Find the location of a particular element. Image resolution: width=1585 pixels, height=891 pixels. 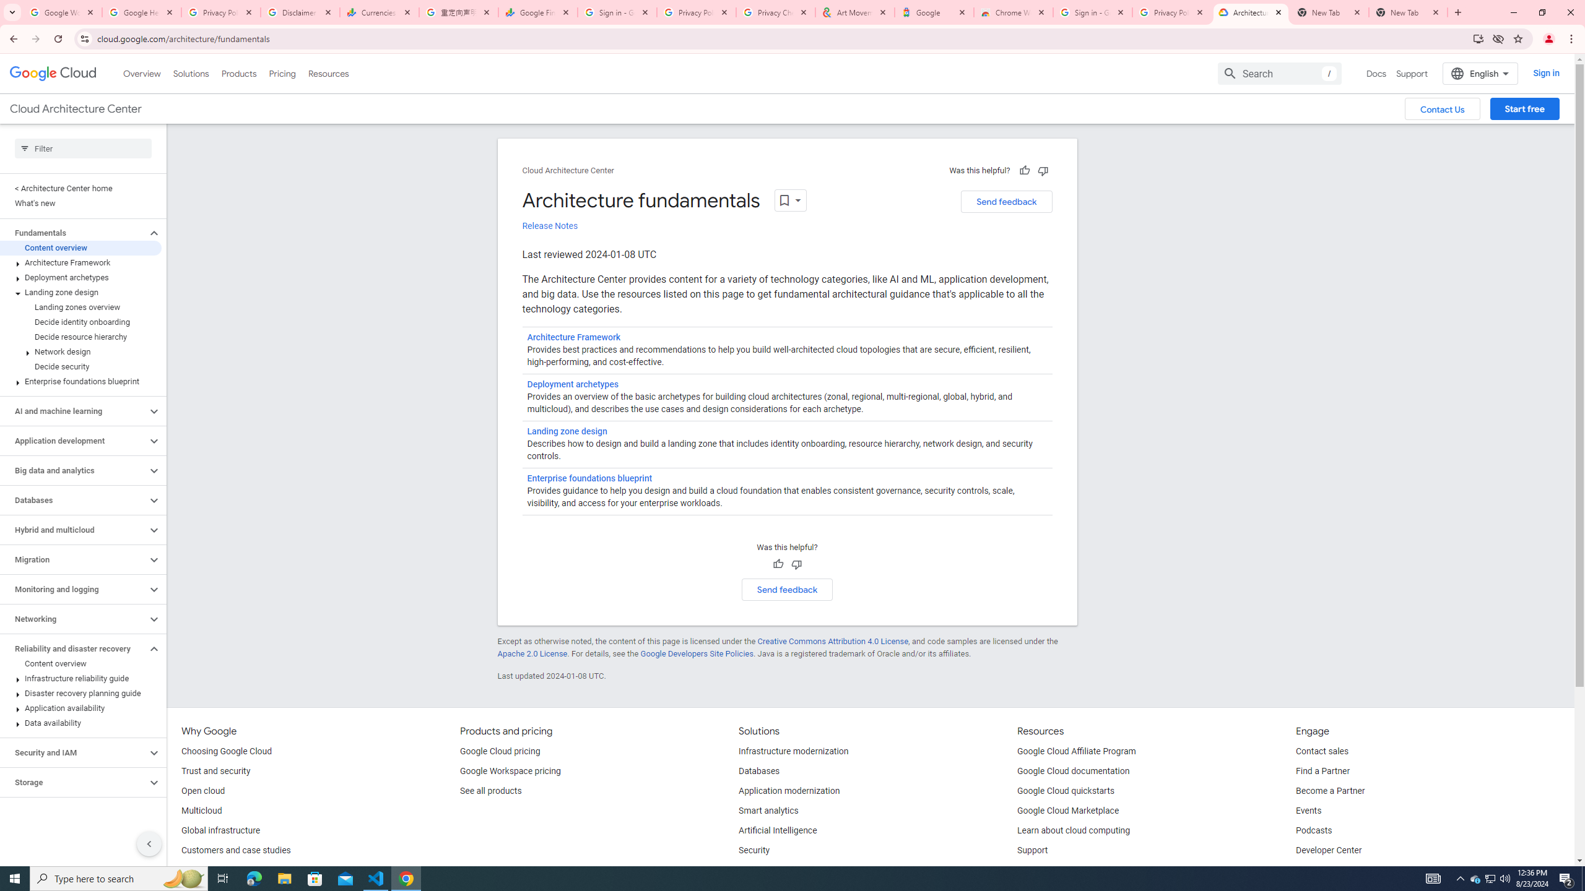

'Decide resource hierarchy' is located at coordinates (80, 337).